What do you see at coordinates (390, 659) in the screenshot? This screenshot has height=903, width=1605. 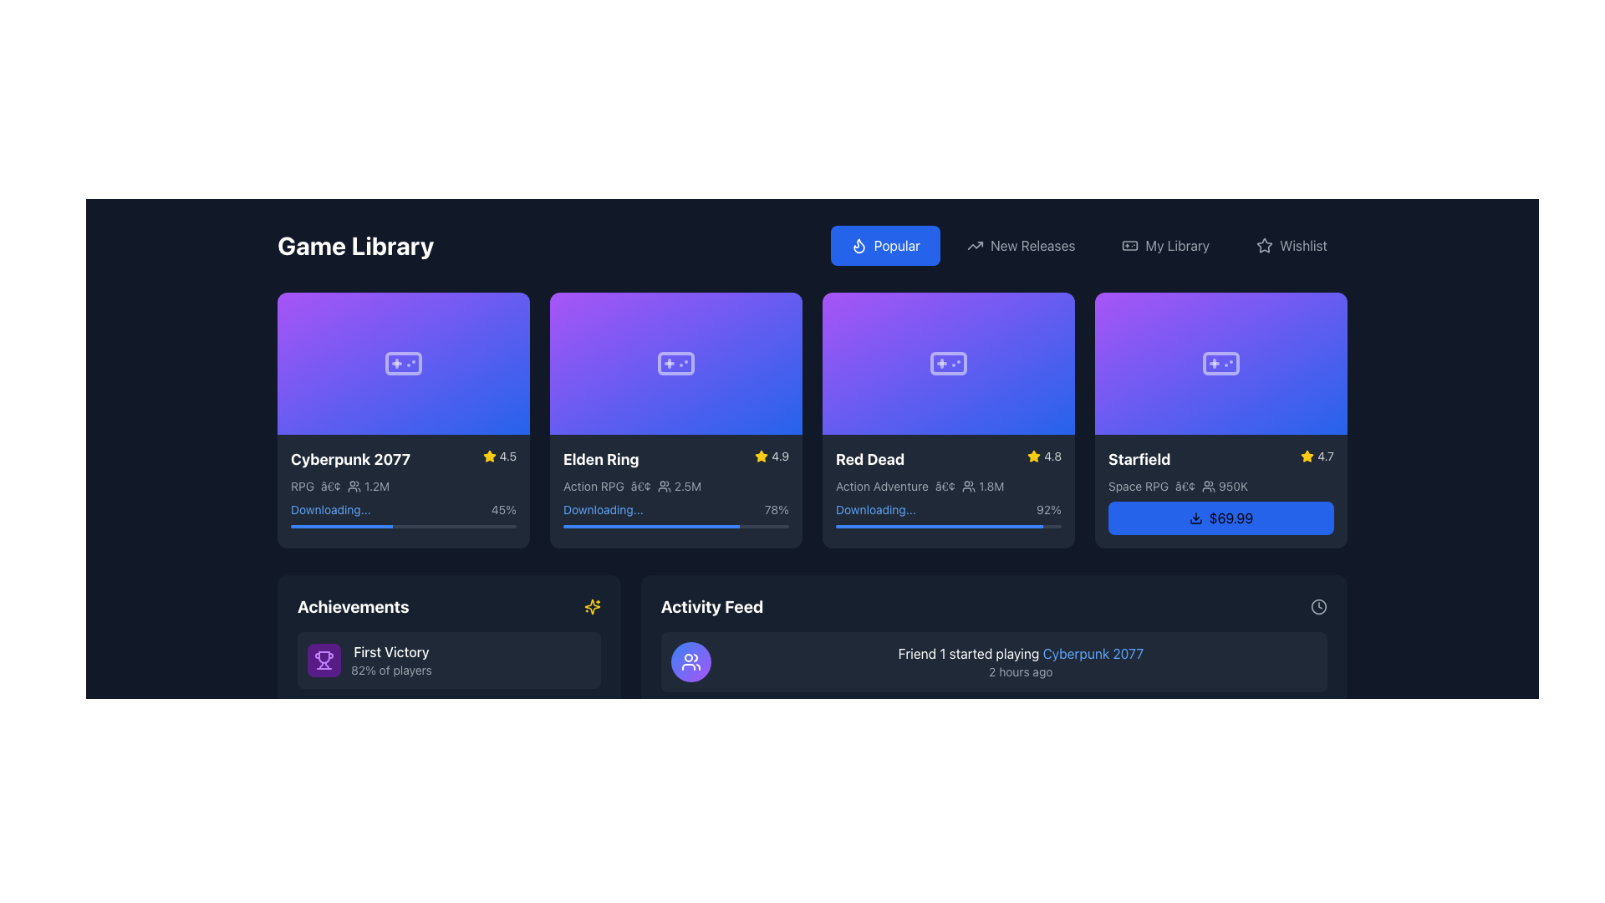 I see `achievement information displayed in the card, specifically the milestone 'First Victory' and the statistic '82% of players', located in the bottom-left portion of the interface adjacent to the purple trophy icon` at bounding box center [390, 659].